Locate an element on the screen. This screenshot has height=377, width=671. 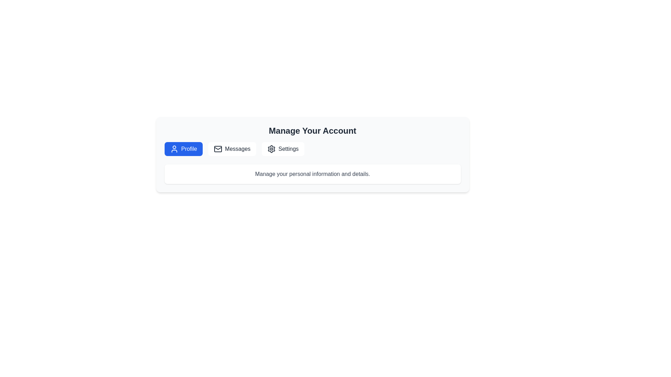
the user silhouette icon located to the left of the 'Profile' text within the blue button is located at coordinates (174, 149).